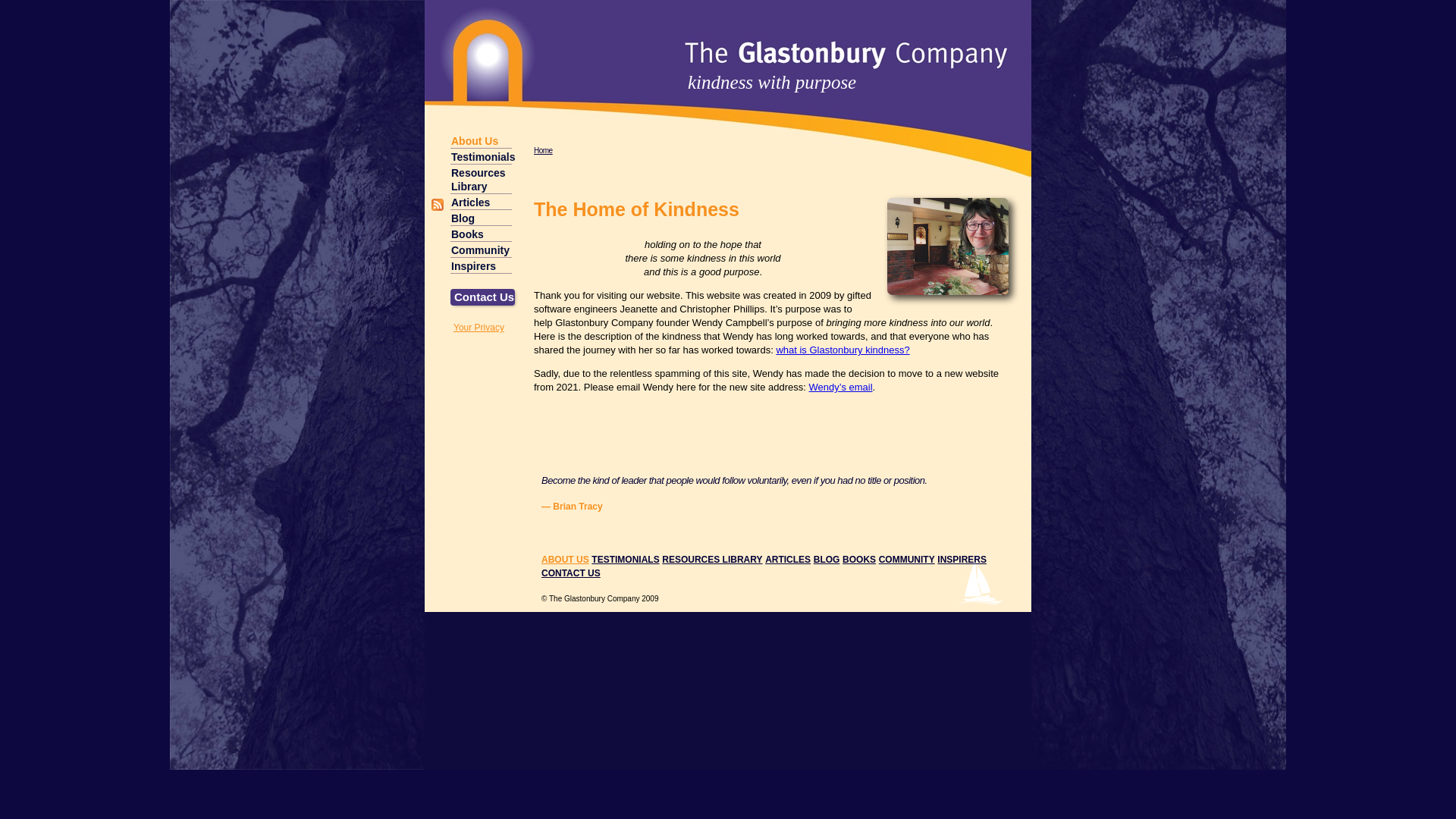 Image resolution: width=1456 pixels, height=819 pixels. I want to click on 'what is Glastonbury kindness?', so click(841, 350).